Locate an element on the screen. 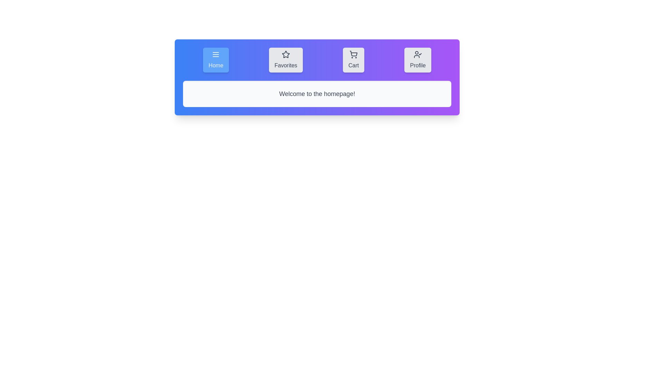 The height and width of the screenshot is (373, 663). the 'Favorites' text label in the navigation bar, which is located centrally below the star icon and between the 'Home' and 'Cart' options is located at coordinates (286, 65).